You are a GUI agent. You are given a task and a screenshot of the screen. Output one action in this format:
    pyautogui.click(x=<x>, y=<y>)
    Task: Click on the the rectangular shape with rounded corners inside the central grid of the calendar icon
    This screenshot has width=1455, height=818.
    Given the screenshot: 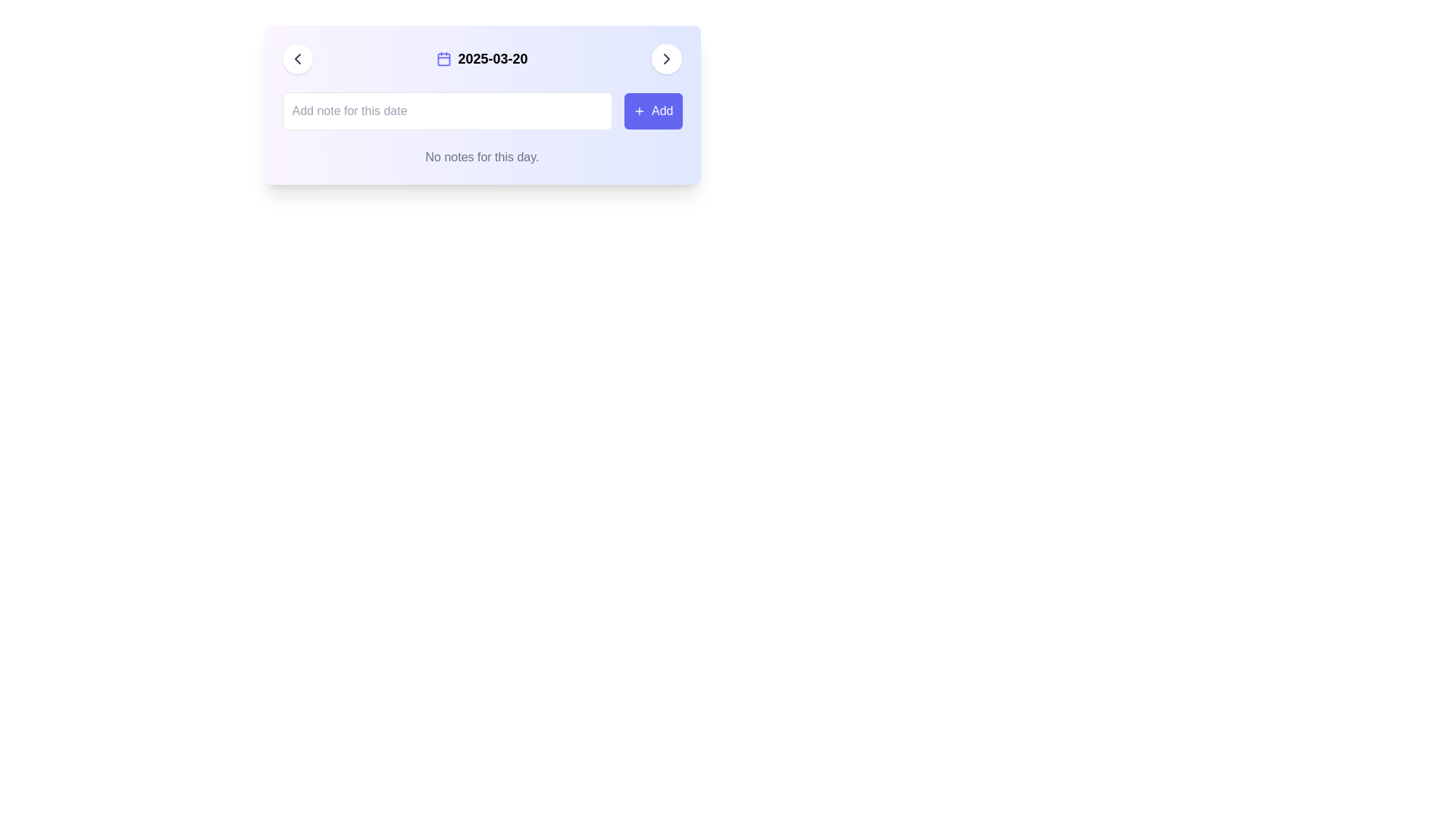 What is the action you would take?
    pyautogui.click(x=443, y=58)
    